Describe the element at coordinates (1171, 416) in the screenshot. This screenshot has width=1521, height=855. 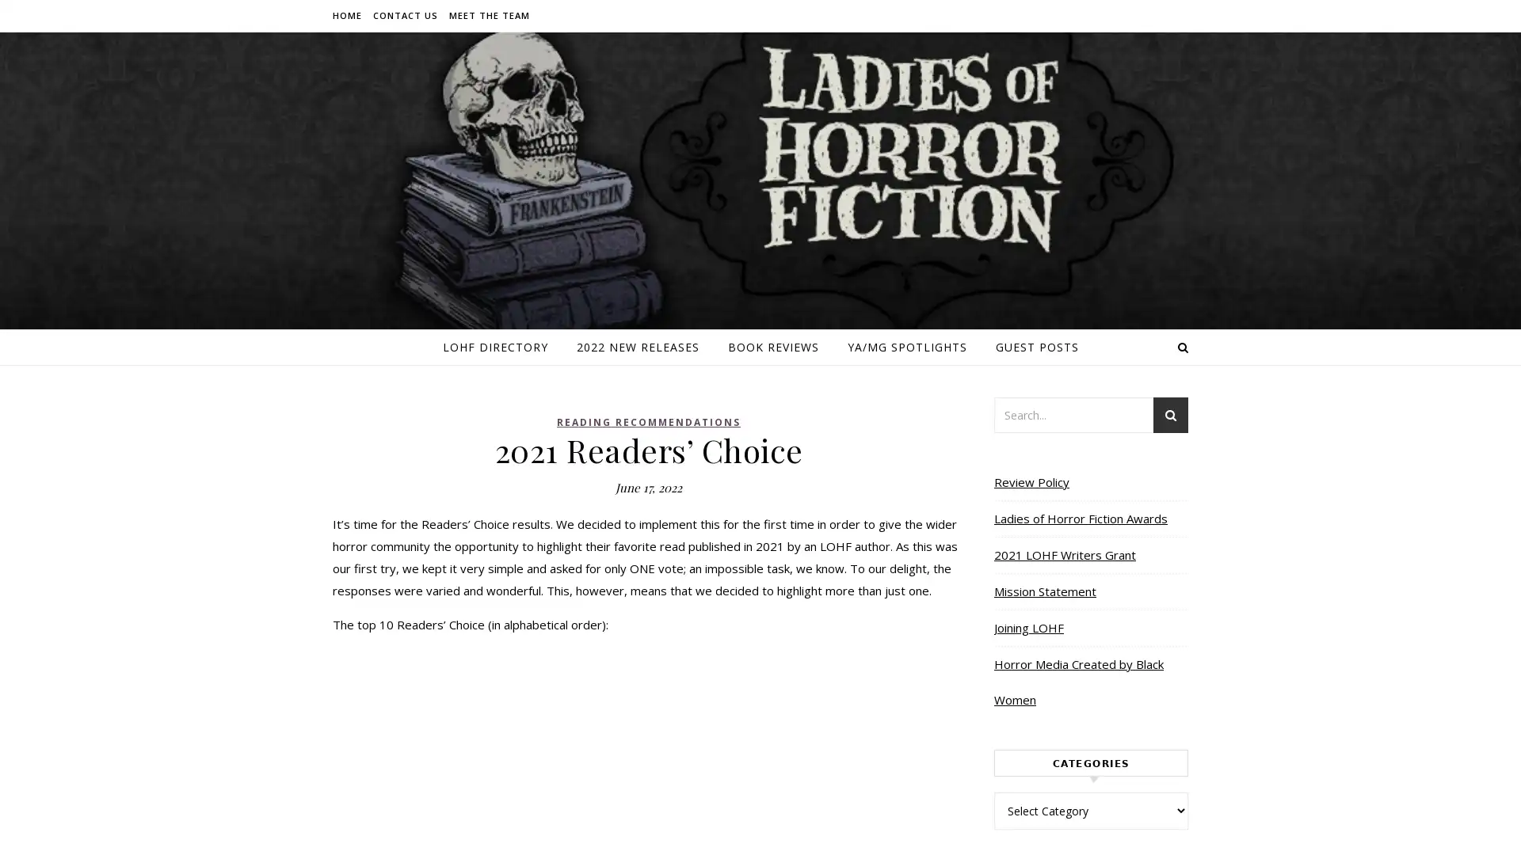
I see `st` at that location.